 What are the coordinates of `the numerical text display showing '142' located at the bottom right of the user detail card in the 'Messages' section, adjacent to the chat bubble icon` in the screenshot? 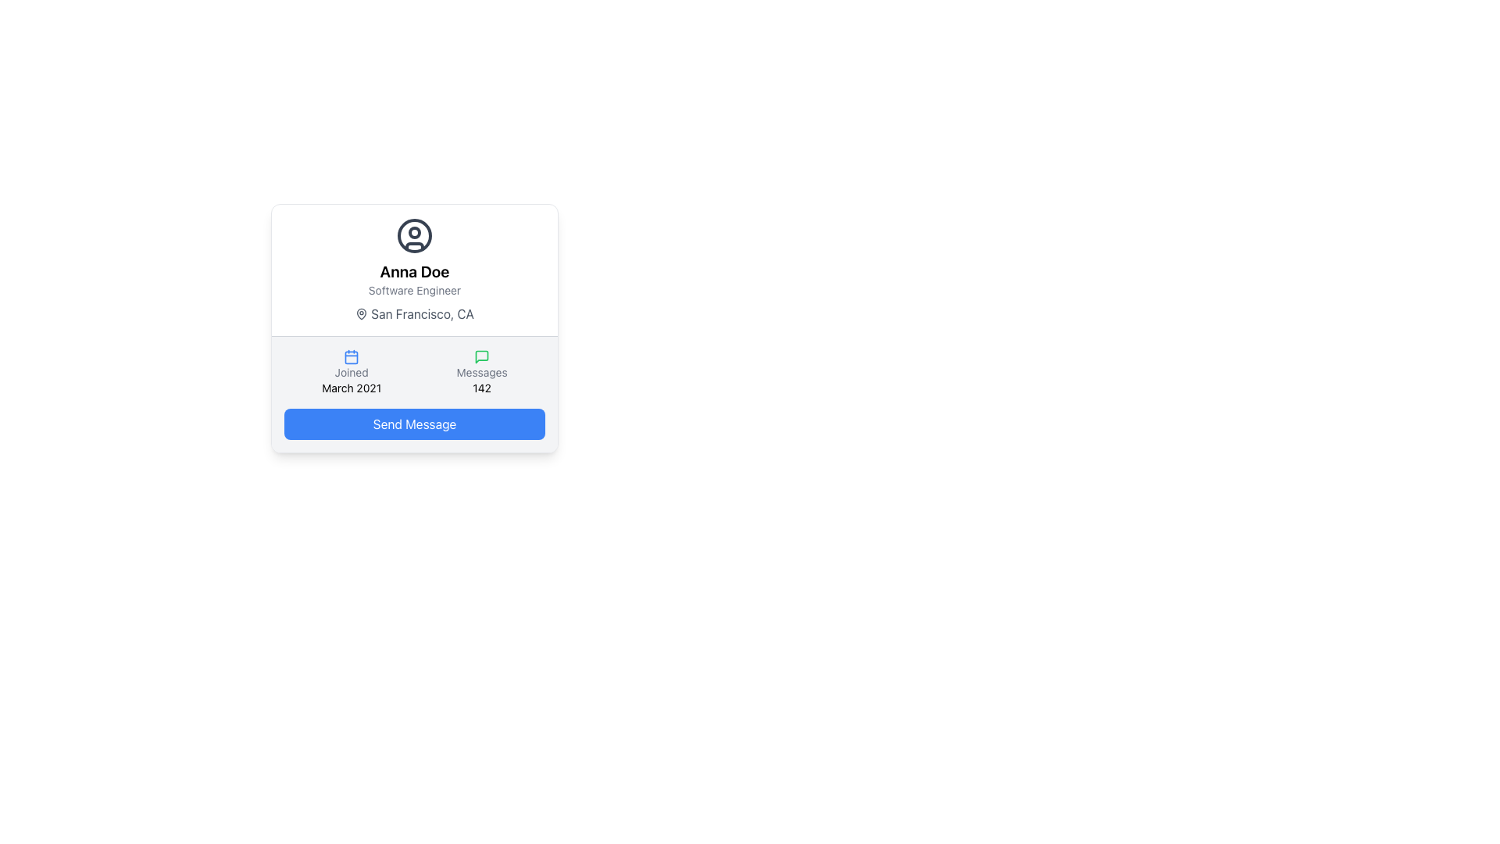 It's located at (481, 388).